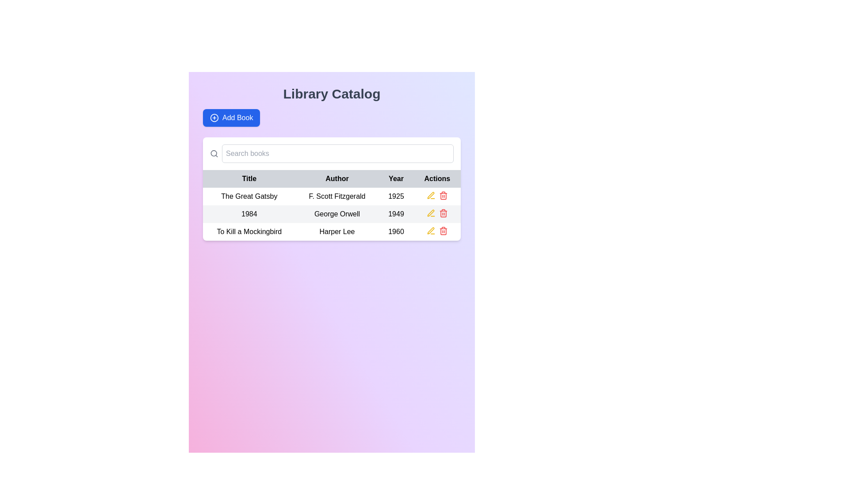 Image resolution: width=849 pixels, height=477 pixels. What do you see at coordinates (337, 196) in the screenshot?
I see `the label indicating the author of the book 'The Great Gatsby', located in the second column of the first row` at bounding box center [337, 196].